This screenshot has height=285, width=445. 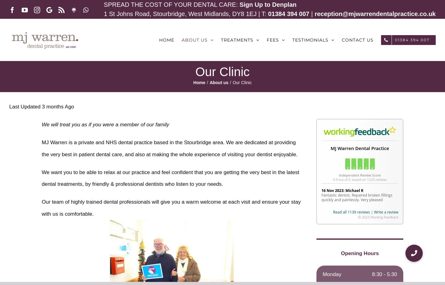 What do you see at coordinates (384, 274) in the screenshot?
I see `'8:30 - 5:30'` at bounding box center [384, 274].